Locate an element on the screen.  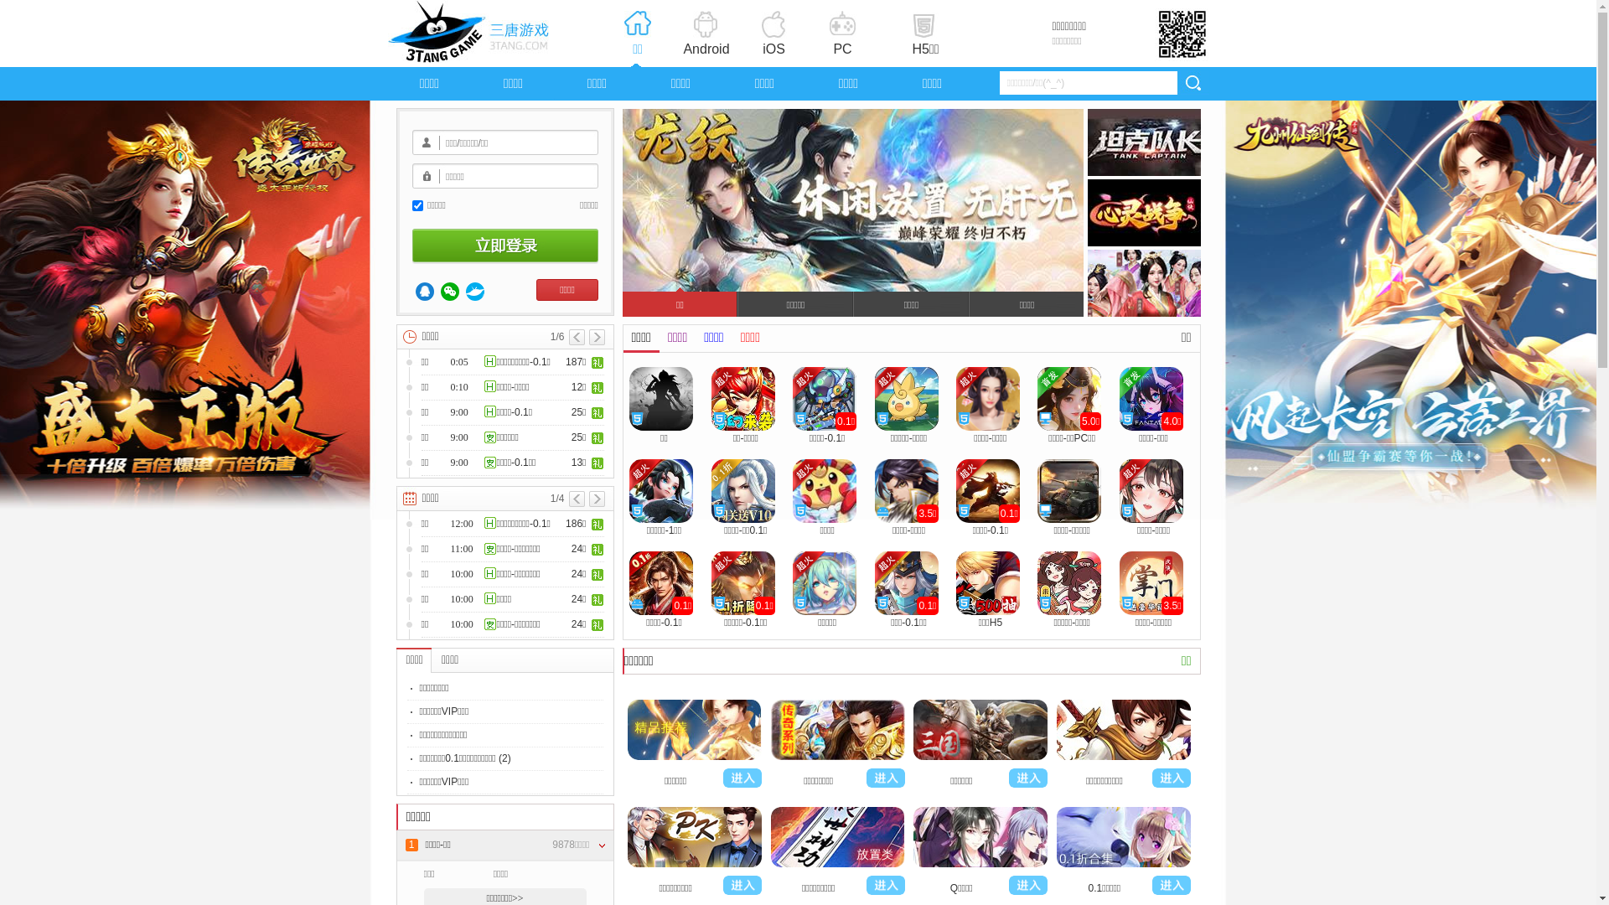
'iOS' is located at coordinates (772, 34).